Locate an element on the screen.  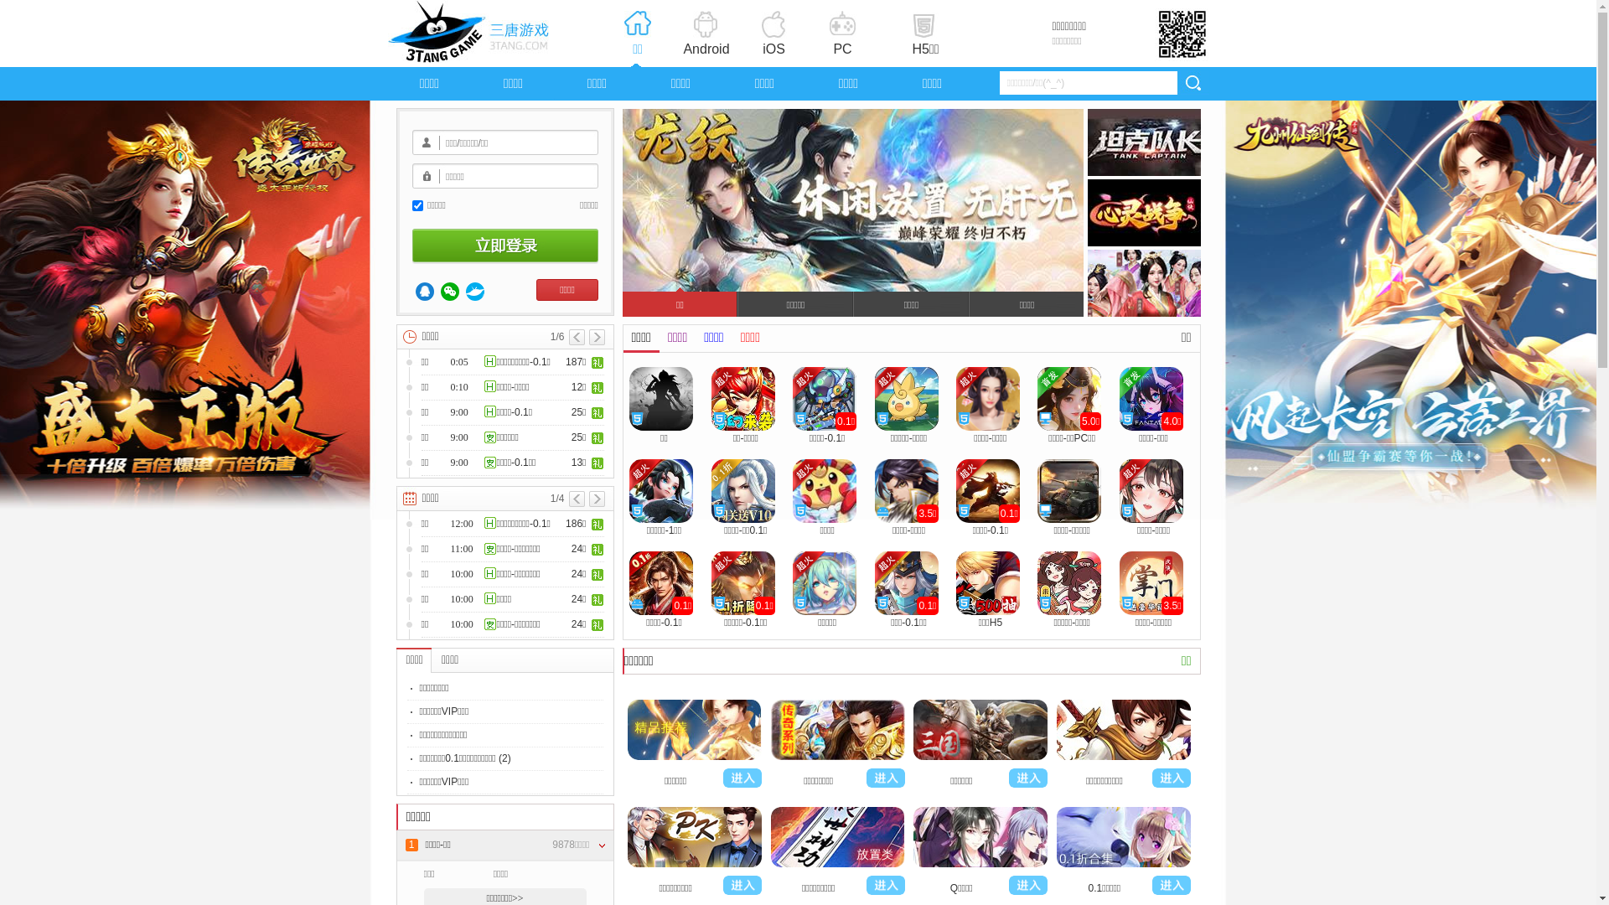
'iOS' is located at coordinates (772, 34).